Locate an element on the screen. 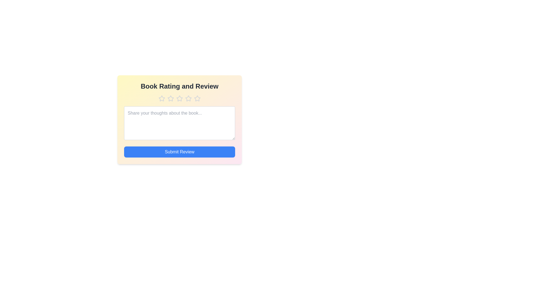  the book rating to 2 stars by clicking on the corresponding star is located at coordinates (170, 98).